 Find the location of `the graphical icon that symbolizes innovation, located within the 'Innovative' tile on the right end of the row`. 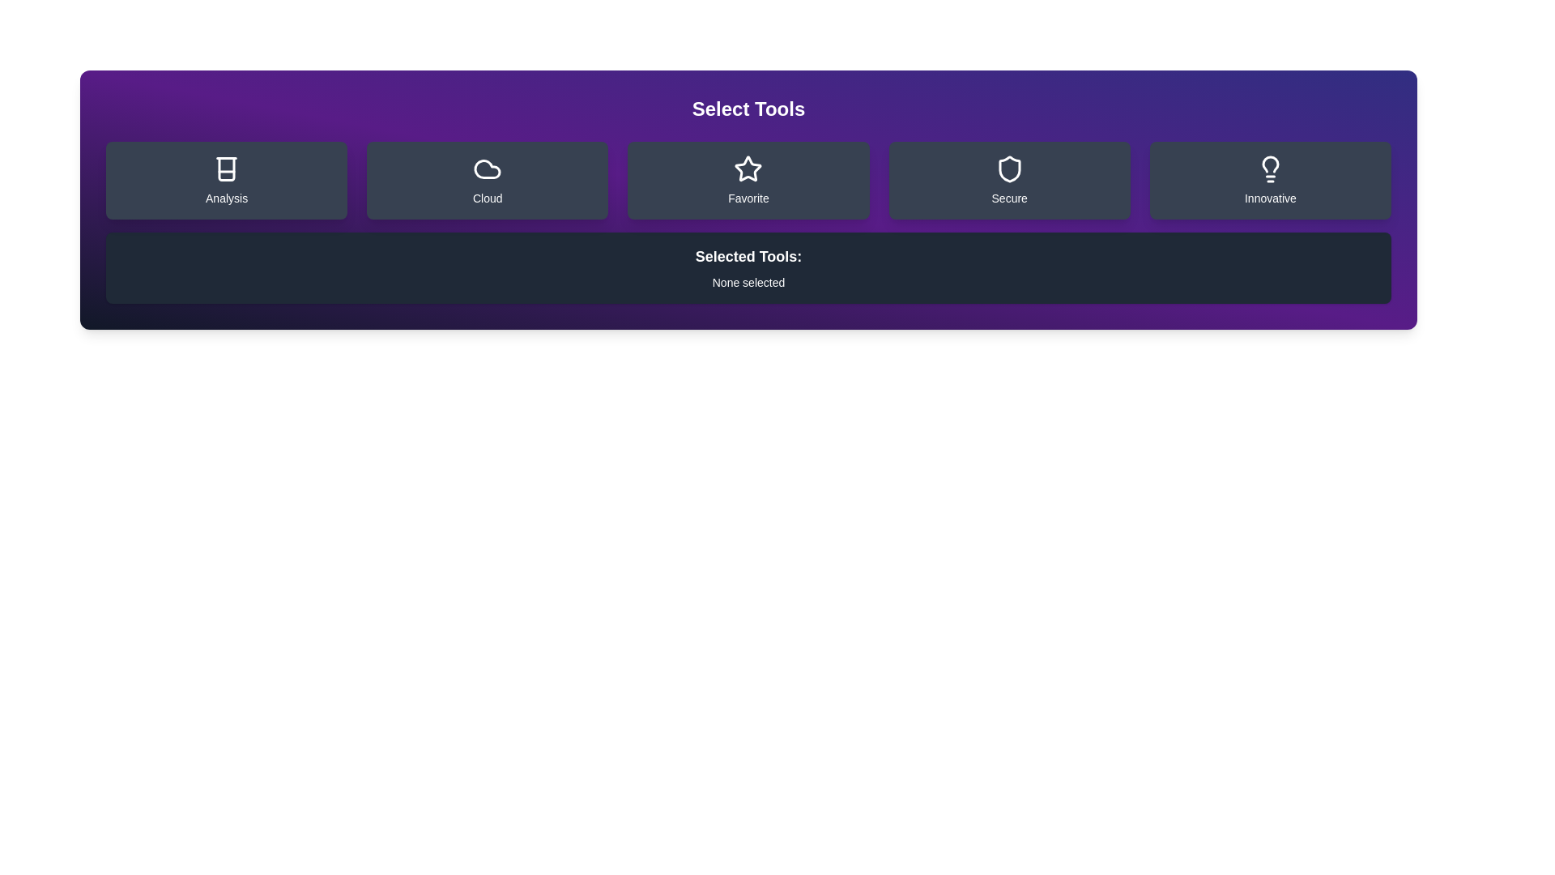

the graphical icon that symbolizes innovation, located within the 'Innovative' tile on the right end of the row is located at coordinates (1269, 164).